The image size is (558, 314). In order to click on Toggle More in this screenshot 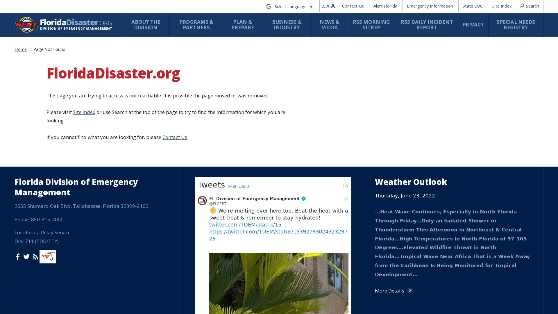, I will do `click(291, 222)`.